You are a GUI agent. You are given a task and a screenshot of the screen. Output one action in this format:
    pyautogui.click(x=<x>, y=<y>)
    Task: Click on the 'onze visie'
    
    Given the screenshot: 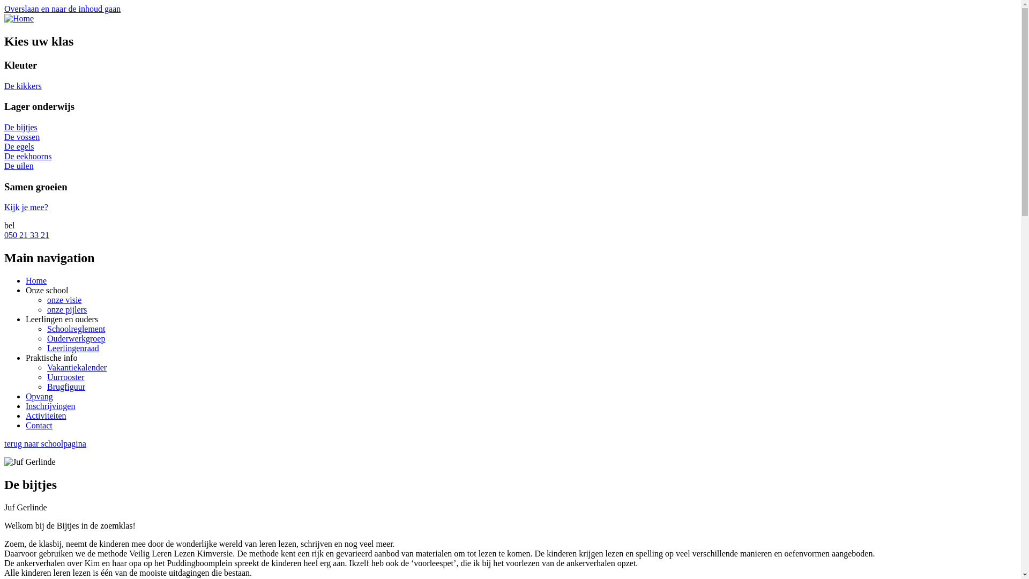 What is the action you would take?
    pyautogui.click(x=64, y=300)
    